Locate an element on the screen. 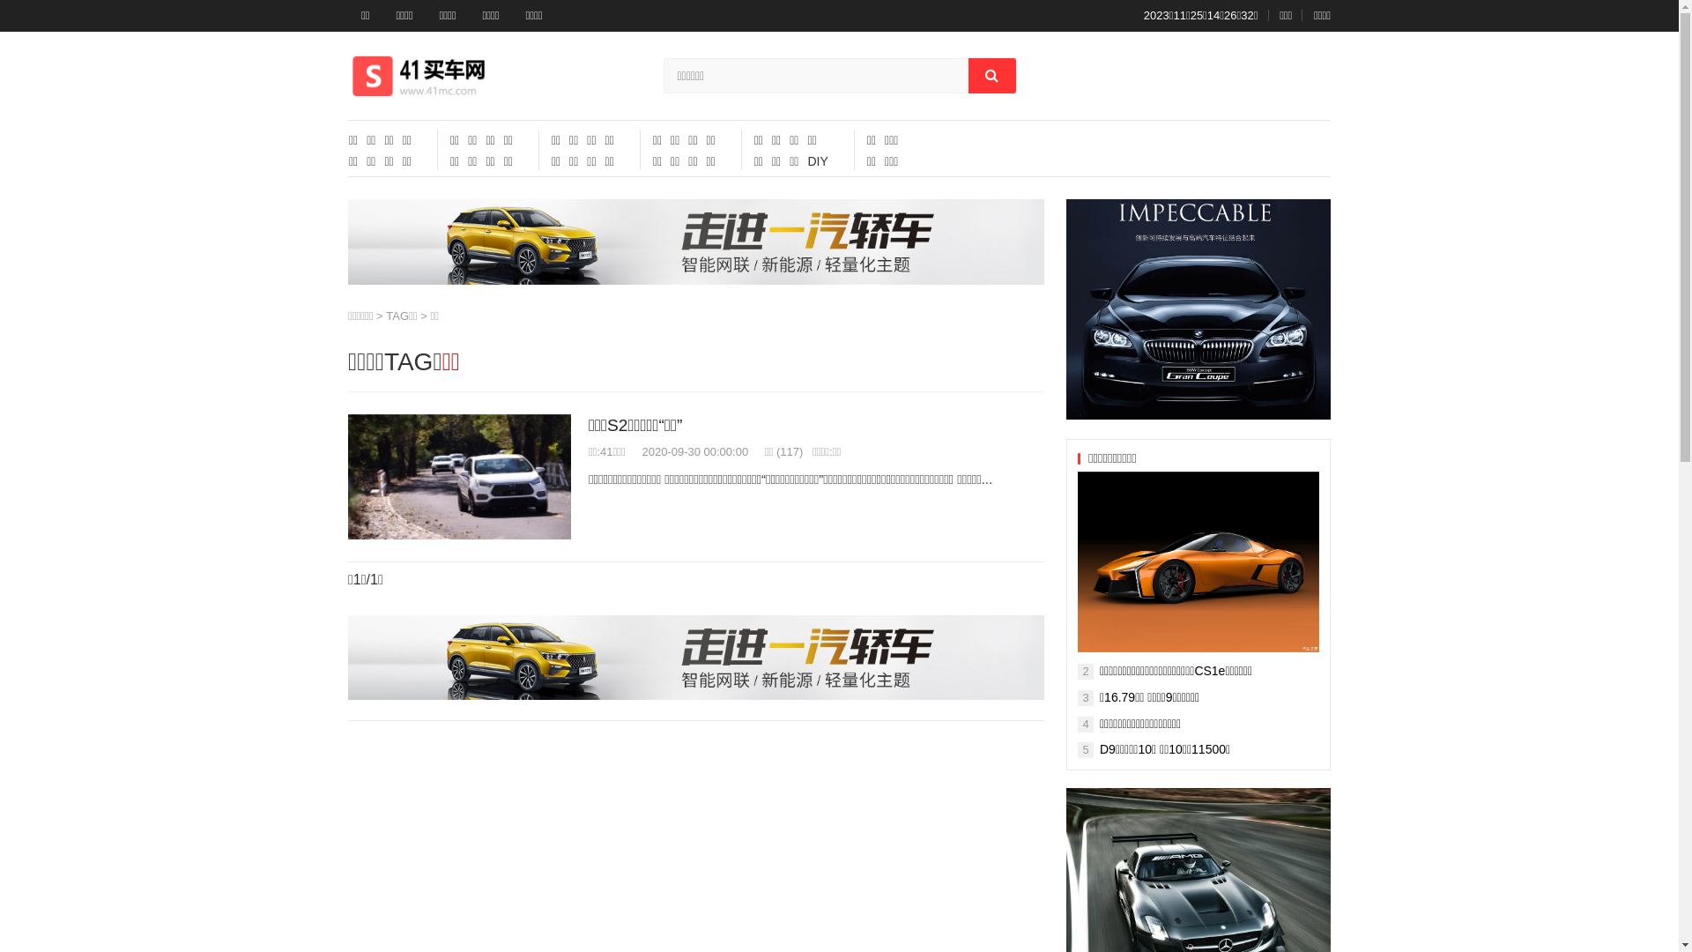  'DIY' is located at coordinates (802, 160).